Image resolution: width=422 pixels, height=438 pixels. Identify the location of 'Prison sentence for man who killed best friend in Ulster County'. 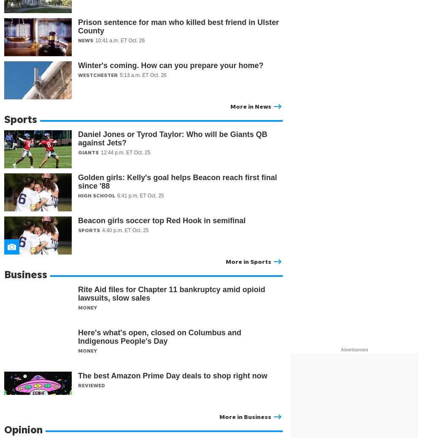
(179, 26).